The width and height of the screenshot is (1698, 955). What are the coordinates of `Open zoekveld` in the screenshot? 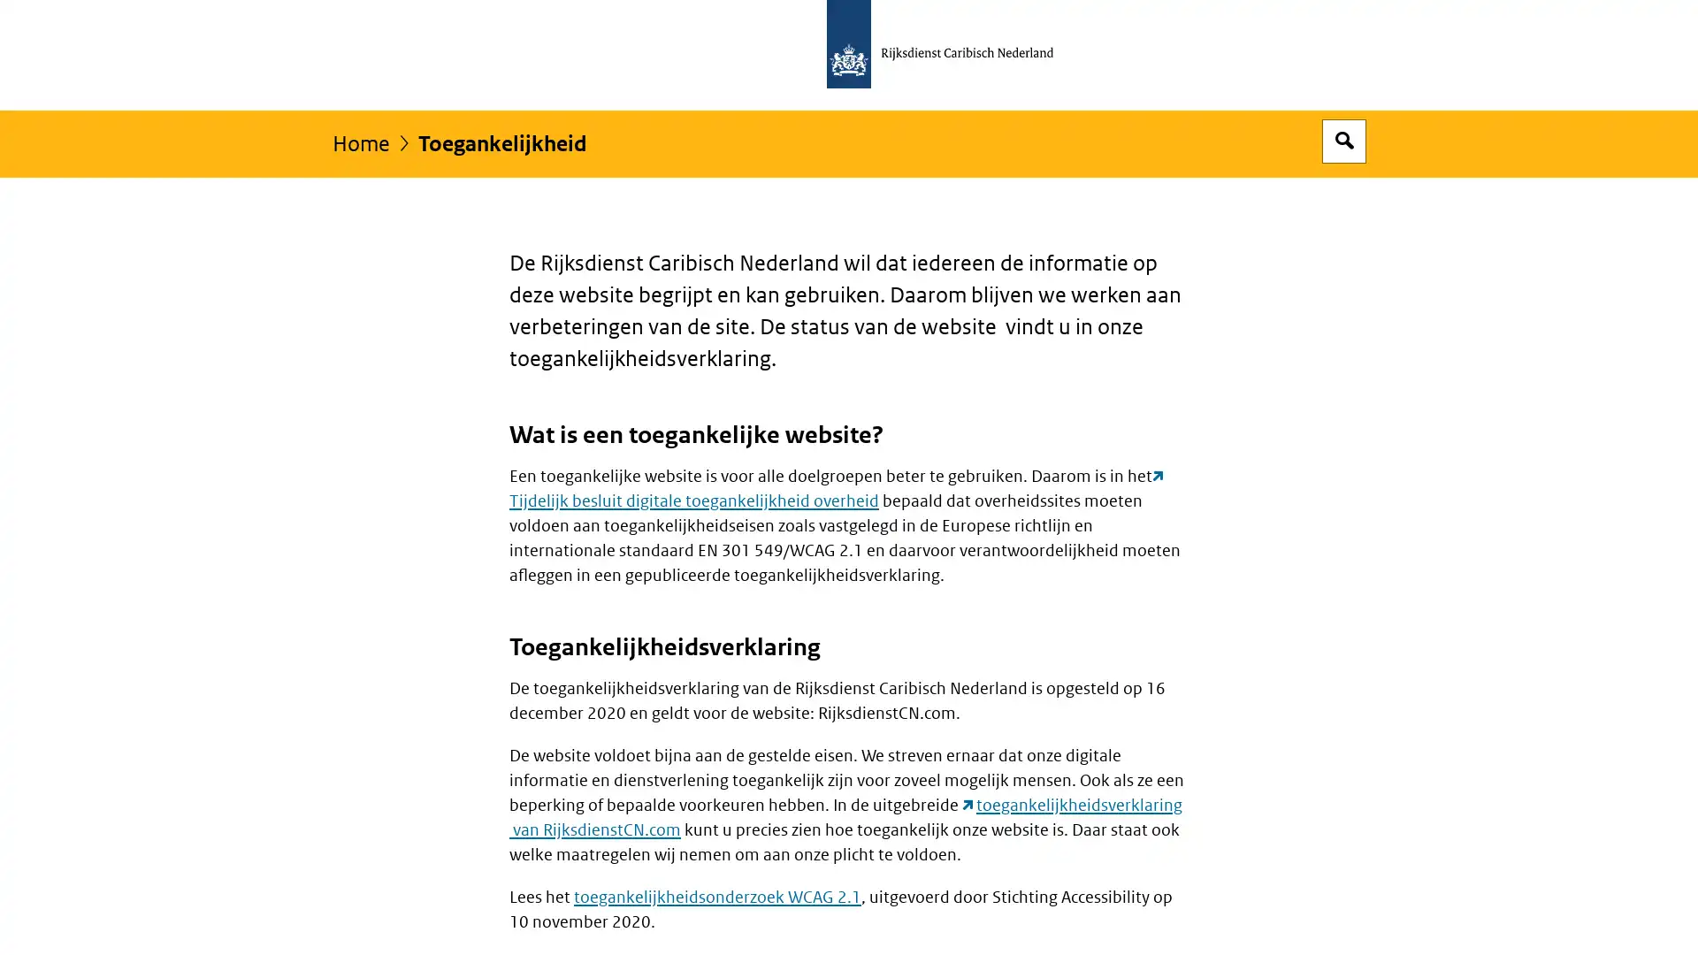 It's located at (1344, 140).